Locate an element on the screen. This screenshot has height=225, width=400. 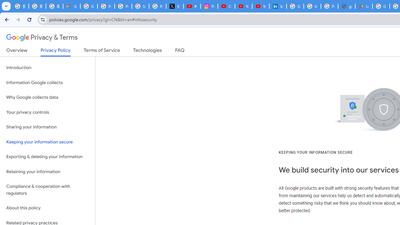
'Your privacy controls' is located at coordinates (47, 112).